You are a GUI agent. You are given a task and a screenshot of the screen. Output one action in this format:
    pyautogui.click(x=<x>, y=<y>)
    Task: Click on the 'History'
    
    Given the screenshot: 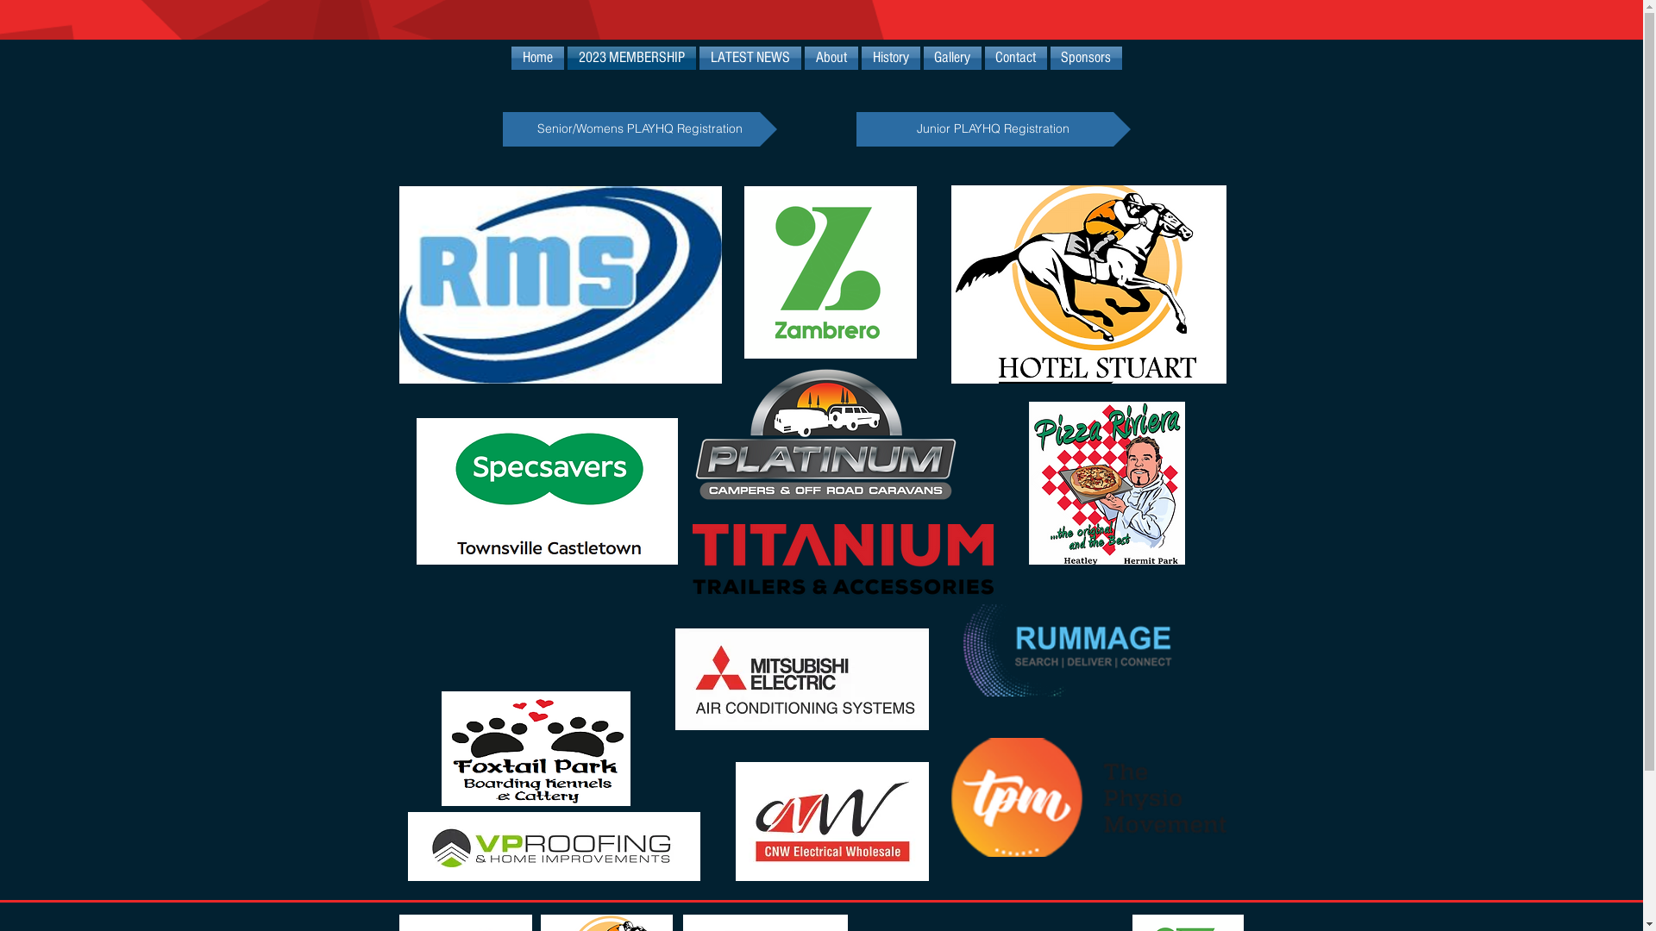 What is the action you would take?
    pyautogui.click(x=890, y=57)
    